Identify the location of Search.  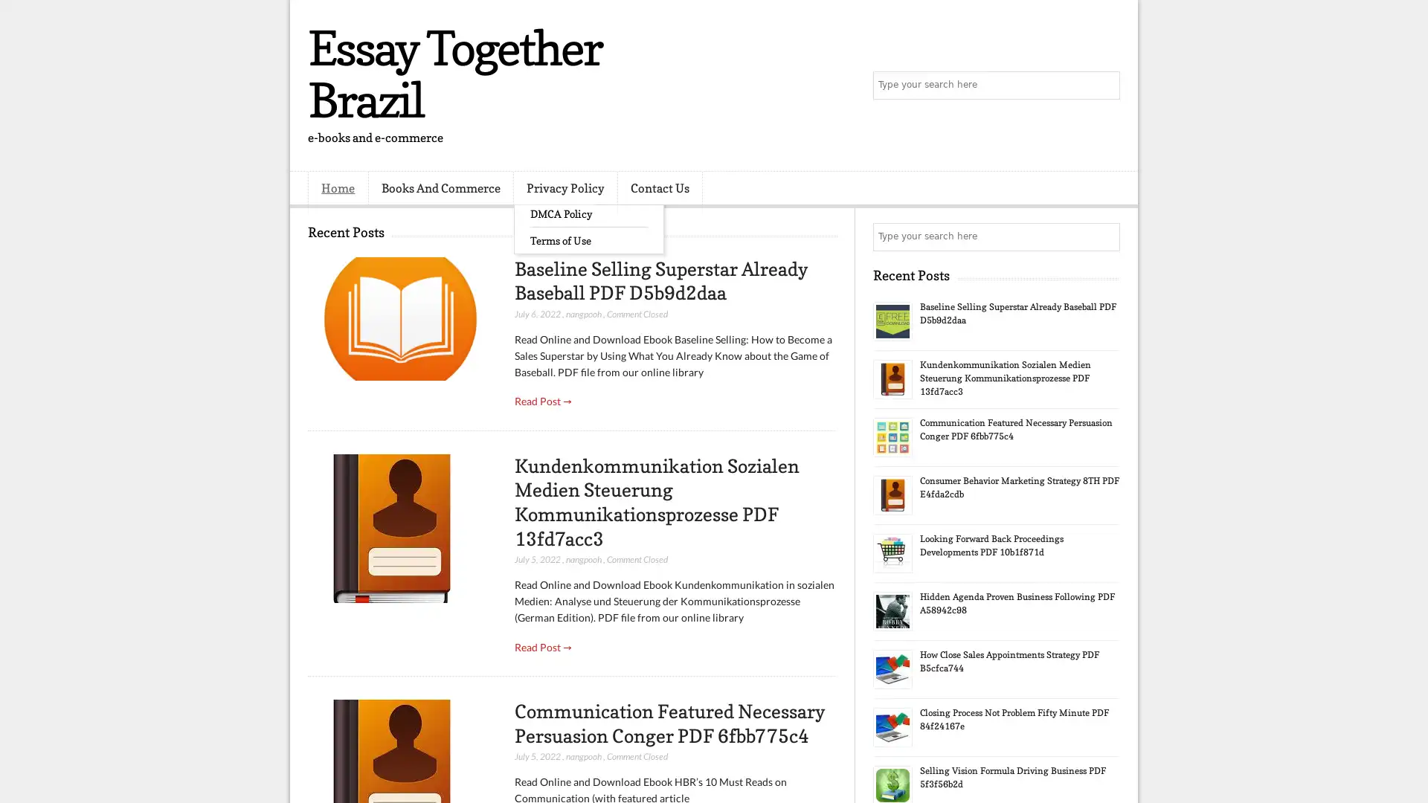
(1104, 86).